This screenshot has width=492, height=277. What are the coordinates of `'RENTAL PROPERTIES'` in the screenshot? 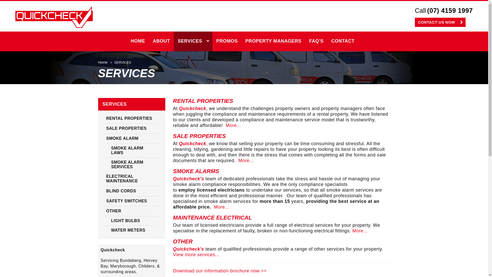 It's located at (132, 118).